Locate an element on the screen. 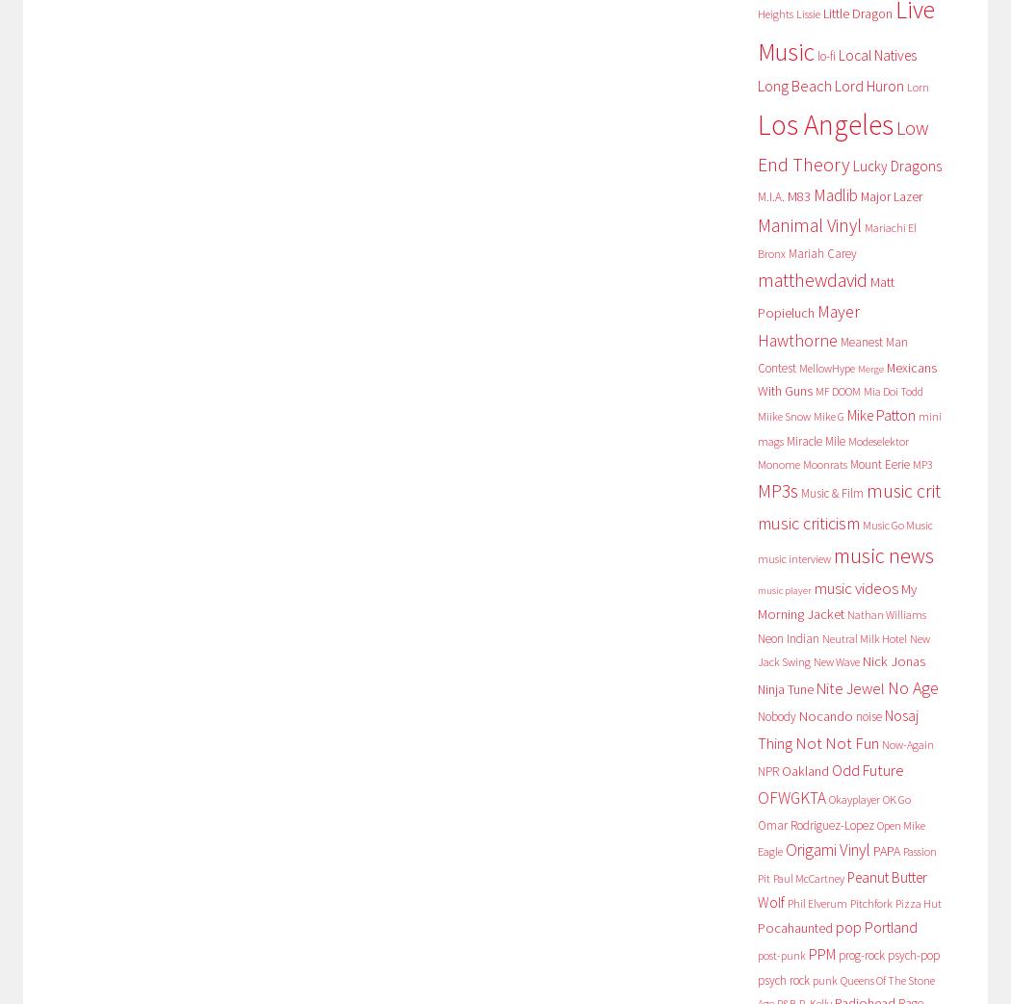 This screenshot has height=1004, width=1011. 'Madlib' is located at coordinates (833, 193).